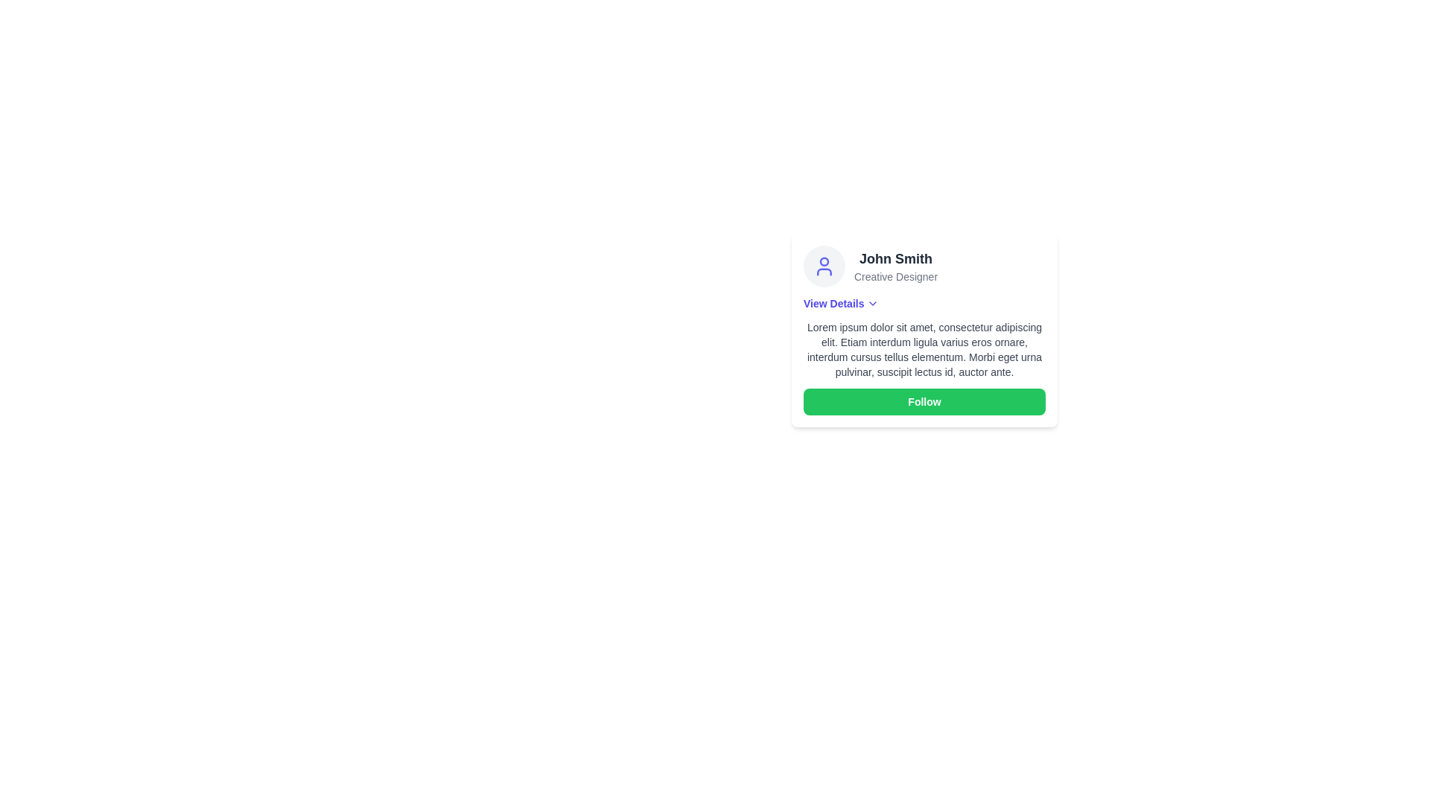 The image size is (1430, 804). Describe the element at coordinates (824, 266) in the screenshot. I see `the SVG User Icon located at the top-left corner of the card structure` at that location.